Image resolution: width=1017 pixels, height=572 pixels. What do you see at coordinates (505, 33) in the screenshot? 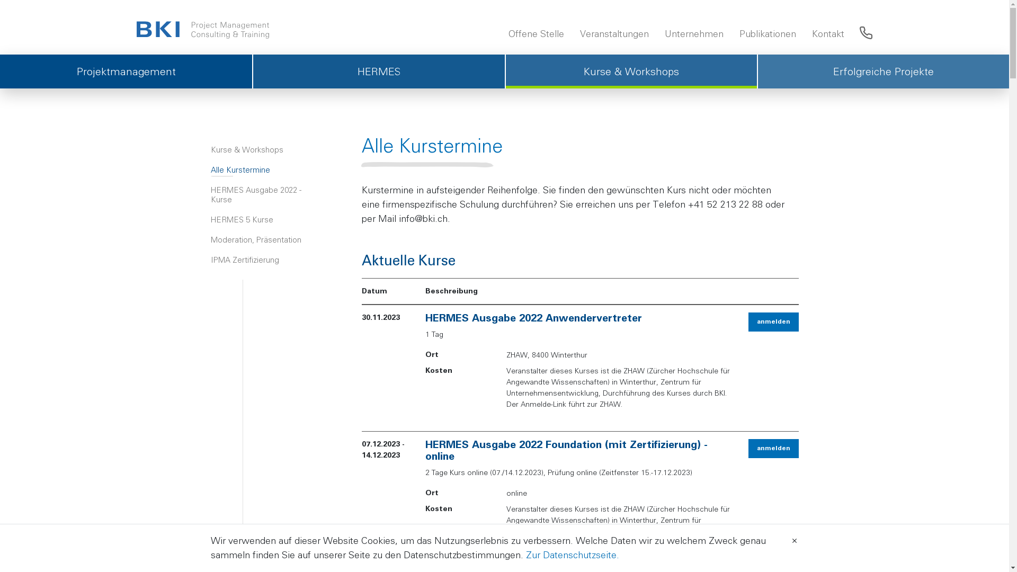
I see `'Offene Stelle'` at bounding box center [505, 33].